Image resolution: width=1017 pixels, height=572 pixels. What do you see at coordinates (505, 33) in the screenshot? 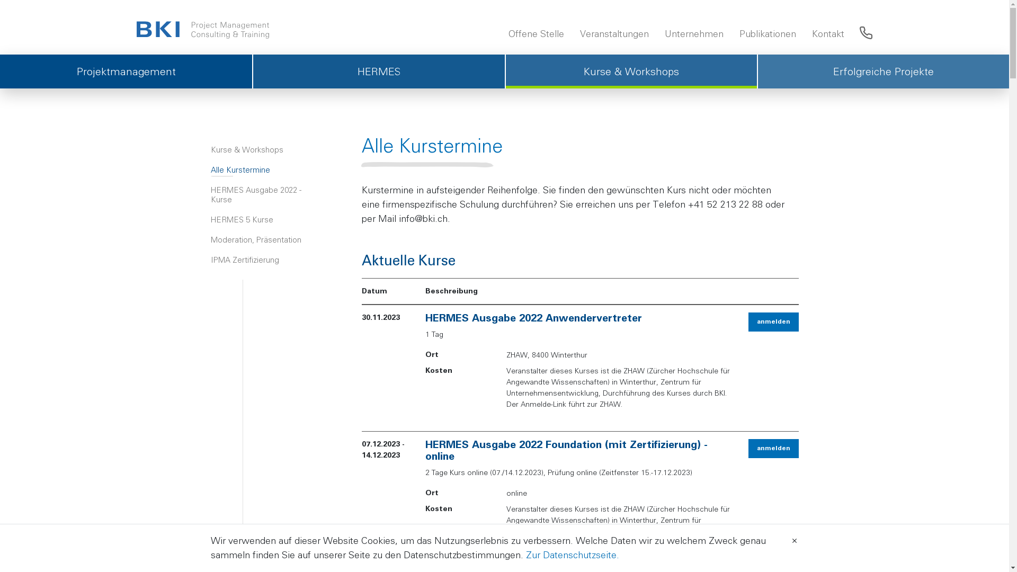
I see `'Offene Stelle'` at bounding box center [505, 33].